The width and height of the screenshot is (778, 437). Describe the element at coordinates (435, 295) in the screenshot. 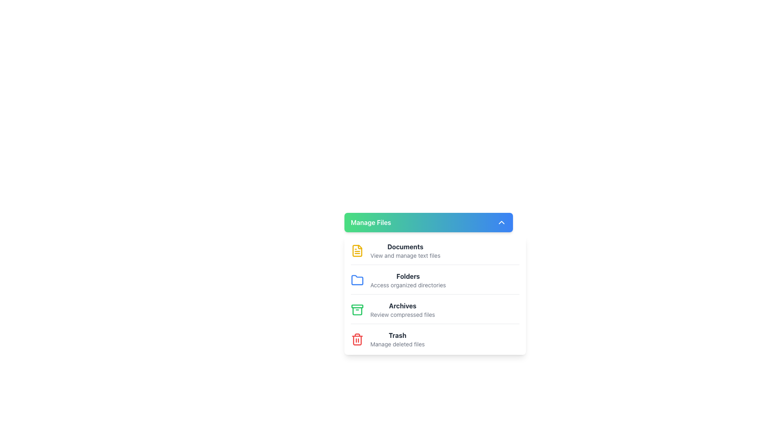

I see `an item from the dropdown menu content displayed under the 'Manage Files' button by clicking on it` at that location.